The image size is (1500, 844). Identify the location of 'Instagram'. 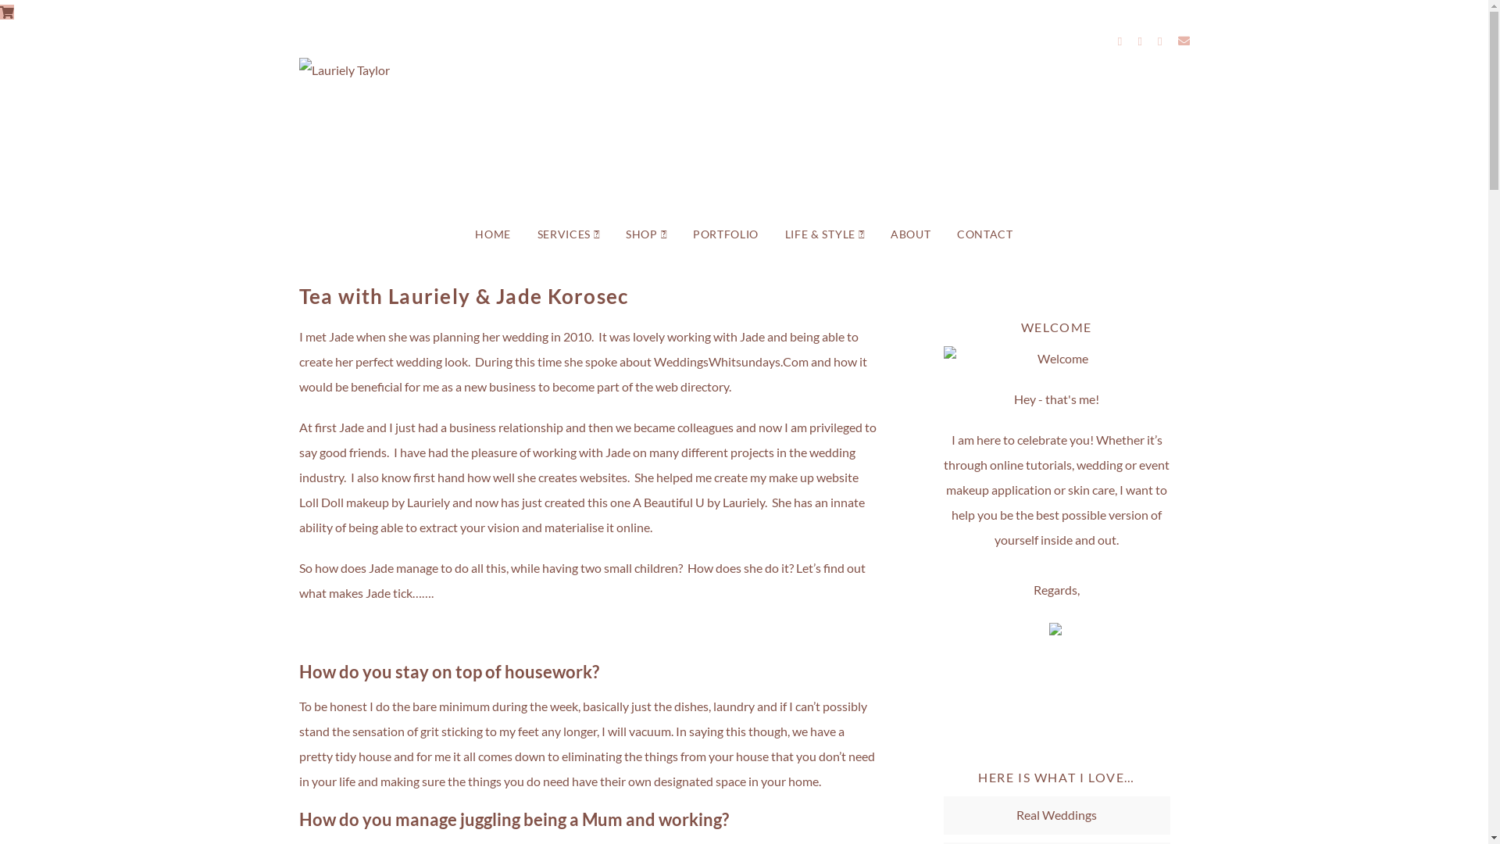
(1137, 40).